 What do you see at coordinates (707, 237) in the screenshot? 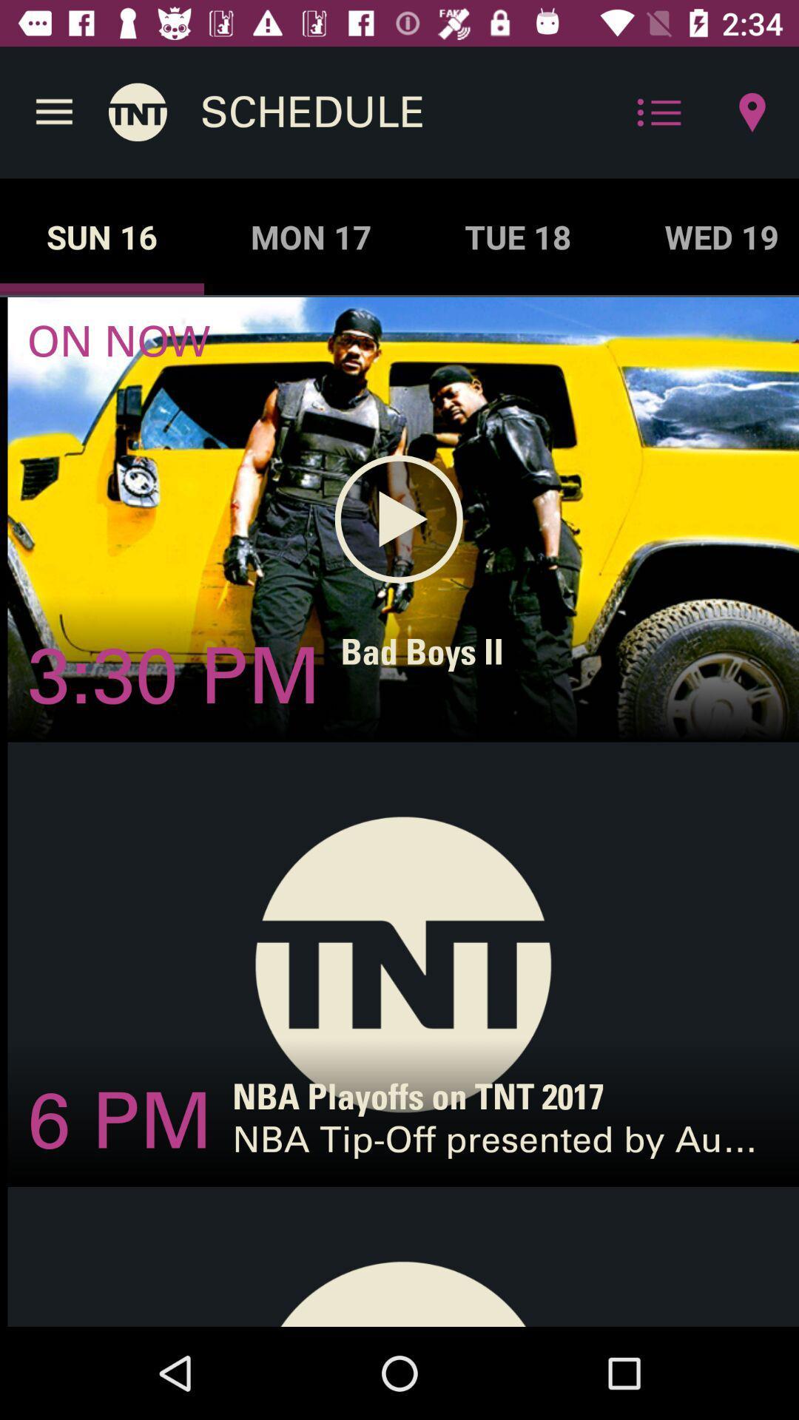
I see `wed 19` at bounding box center [707, 237].